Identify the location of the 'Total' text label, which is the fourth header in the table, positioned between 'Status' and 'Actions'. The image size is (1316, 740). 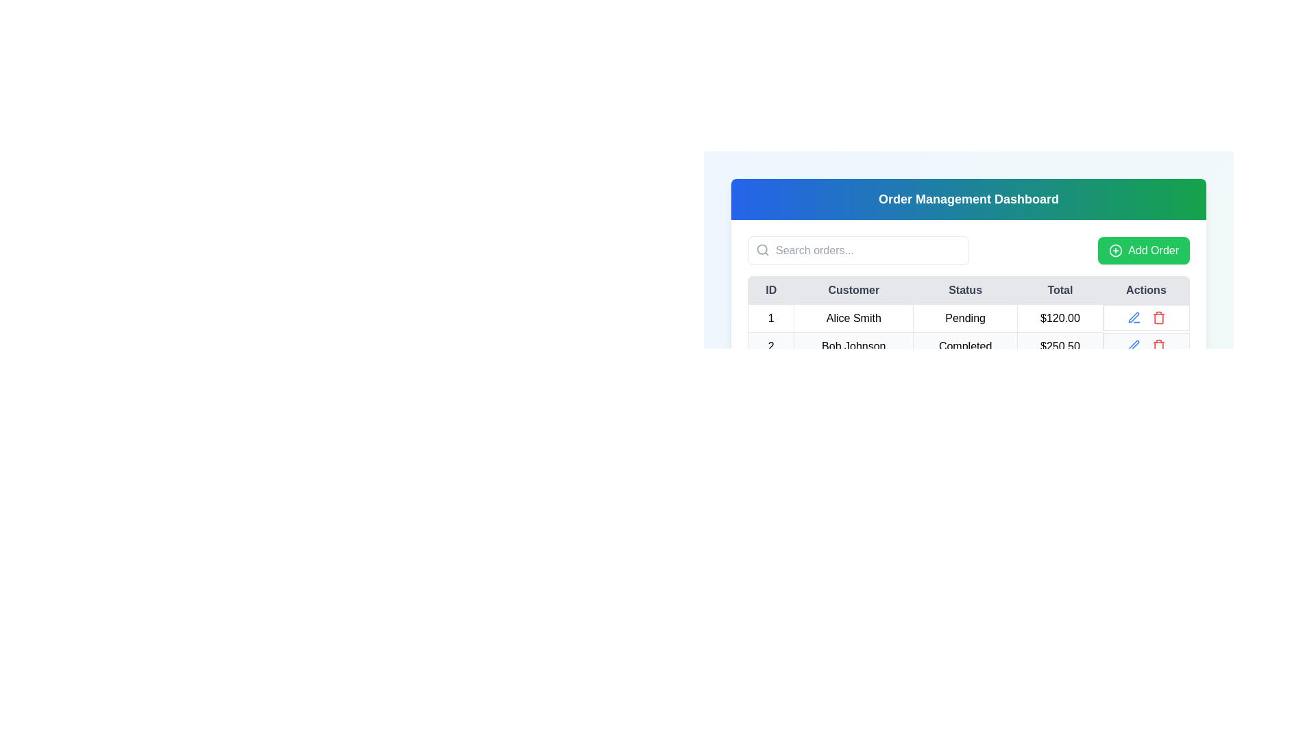
(1059, 290).